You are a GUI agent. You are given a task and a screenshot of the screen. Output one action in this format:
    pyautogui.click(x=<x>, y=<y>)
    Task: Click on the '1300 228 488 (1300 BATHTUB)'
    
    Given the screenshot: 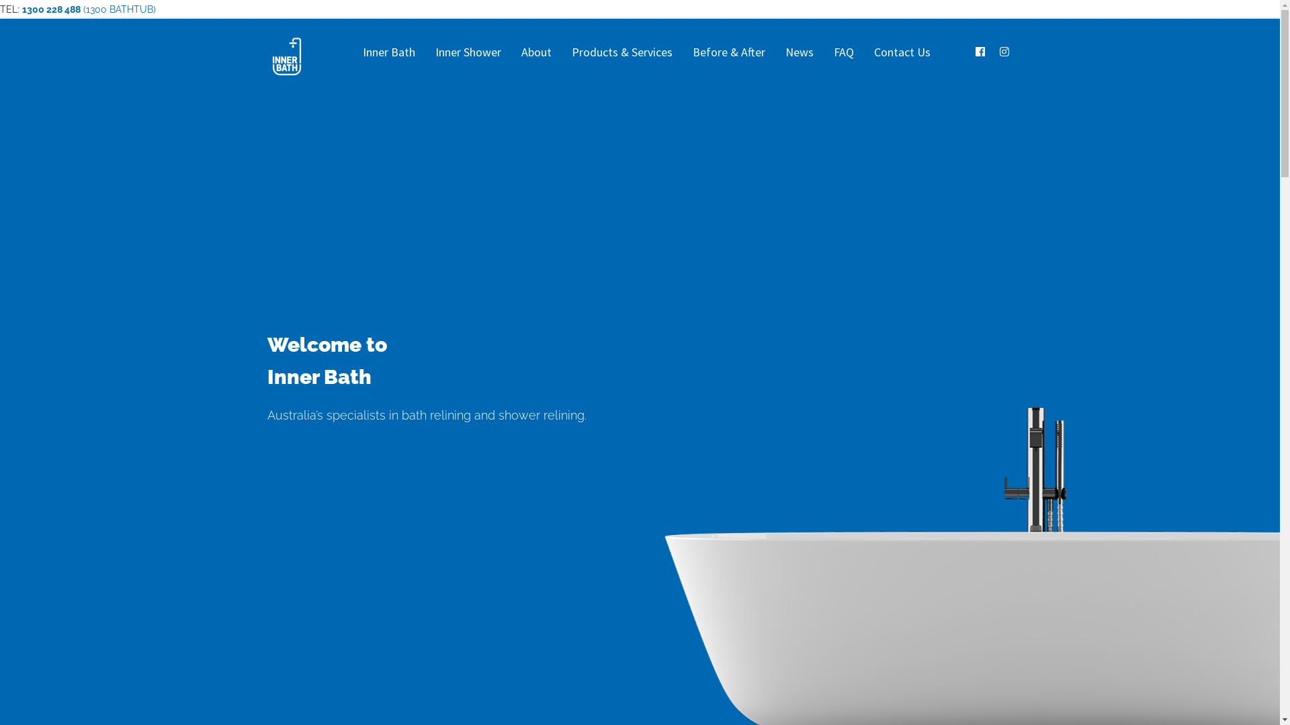 What is the action you would take?
    pyautogui.click(x=88, y=9)
    